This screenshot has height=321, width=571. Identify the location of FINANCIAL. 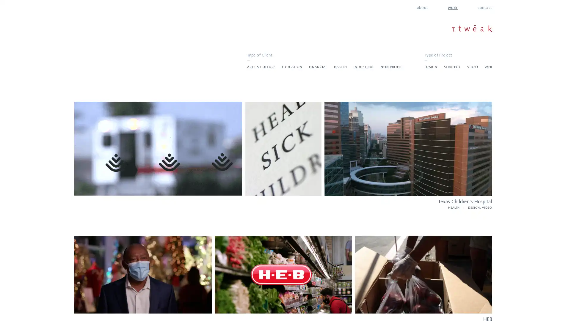
(318, 67).